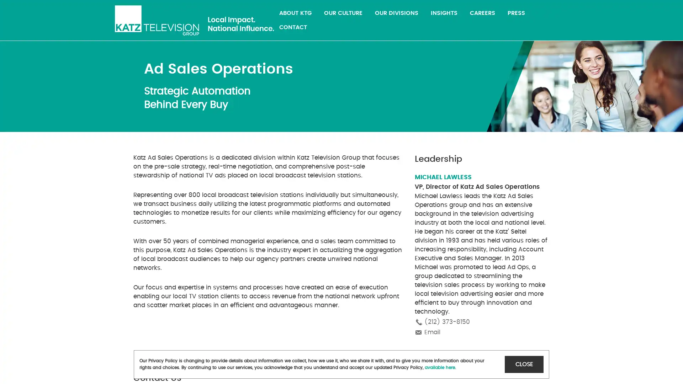  I want to click on CLOSE, so click(524, 364).